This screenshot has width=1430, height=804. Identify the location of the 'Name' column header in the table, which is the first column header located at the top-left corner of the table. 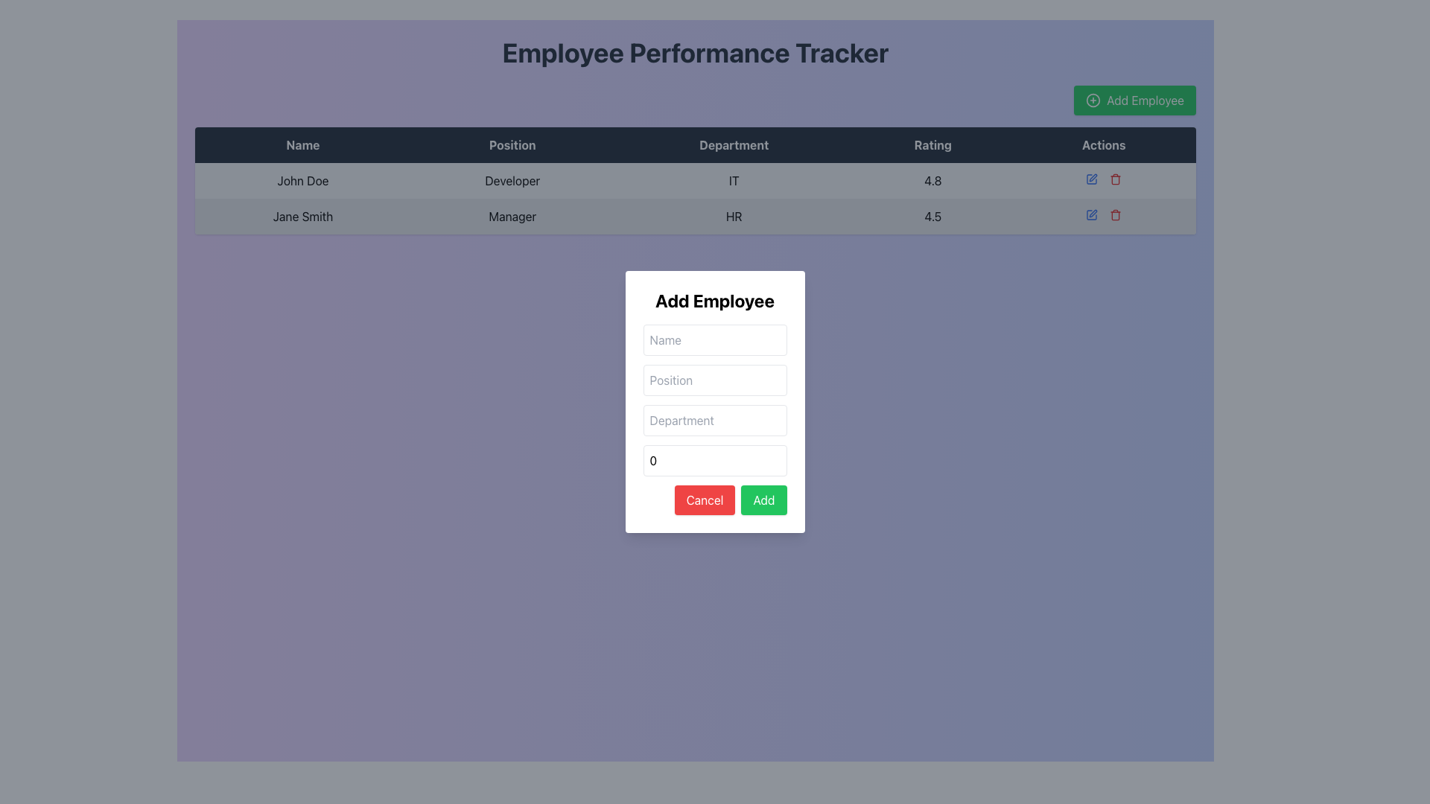
(302, 145).